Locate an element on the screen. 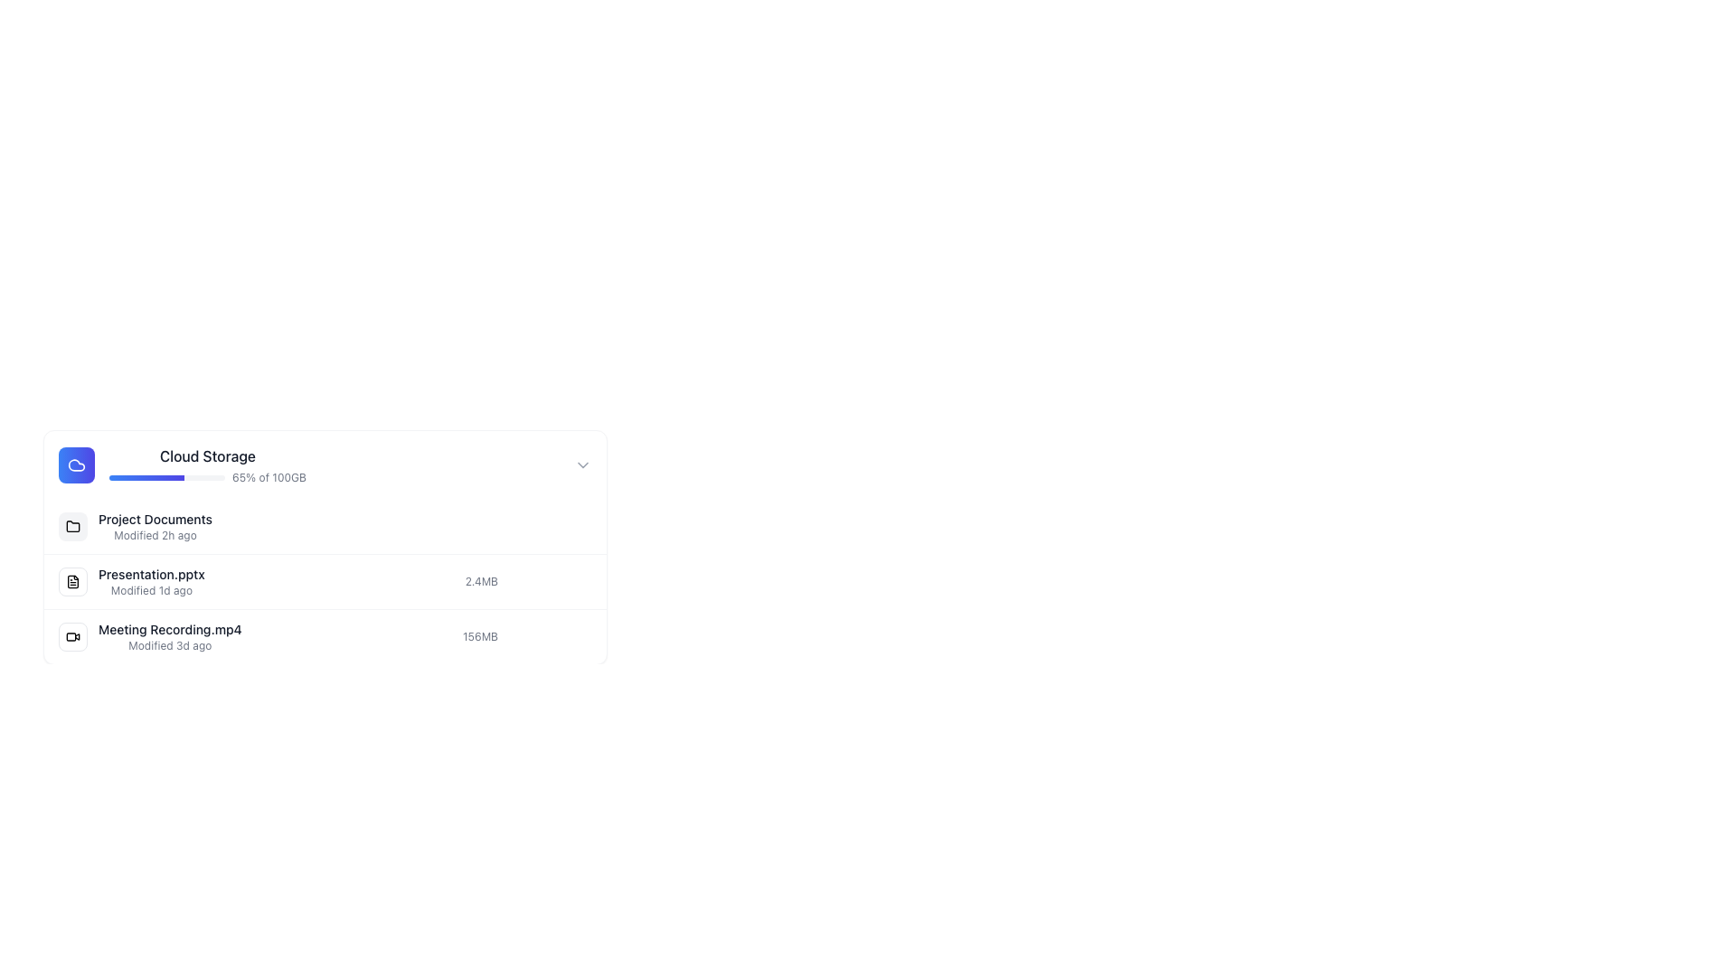  the 'Project Documents' folder element with a folder icon and associated metadata is located at coordinates (134, 526).